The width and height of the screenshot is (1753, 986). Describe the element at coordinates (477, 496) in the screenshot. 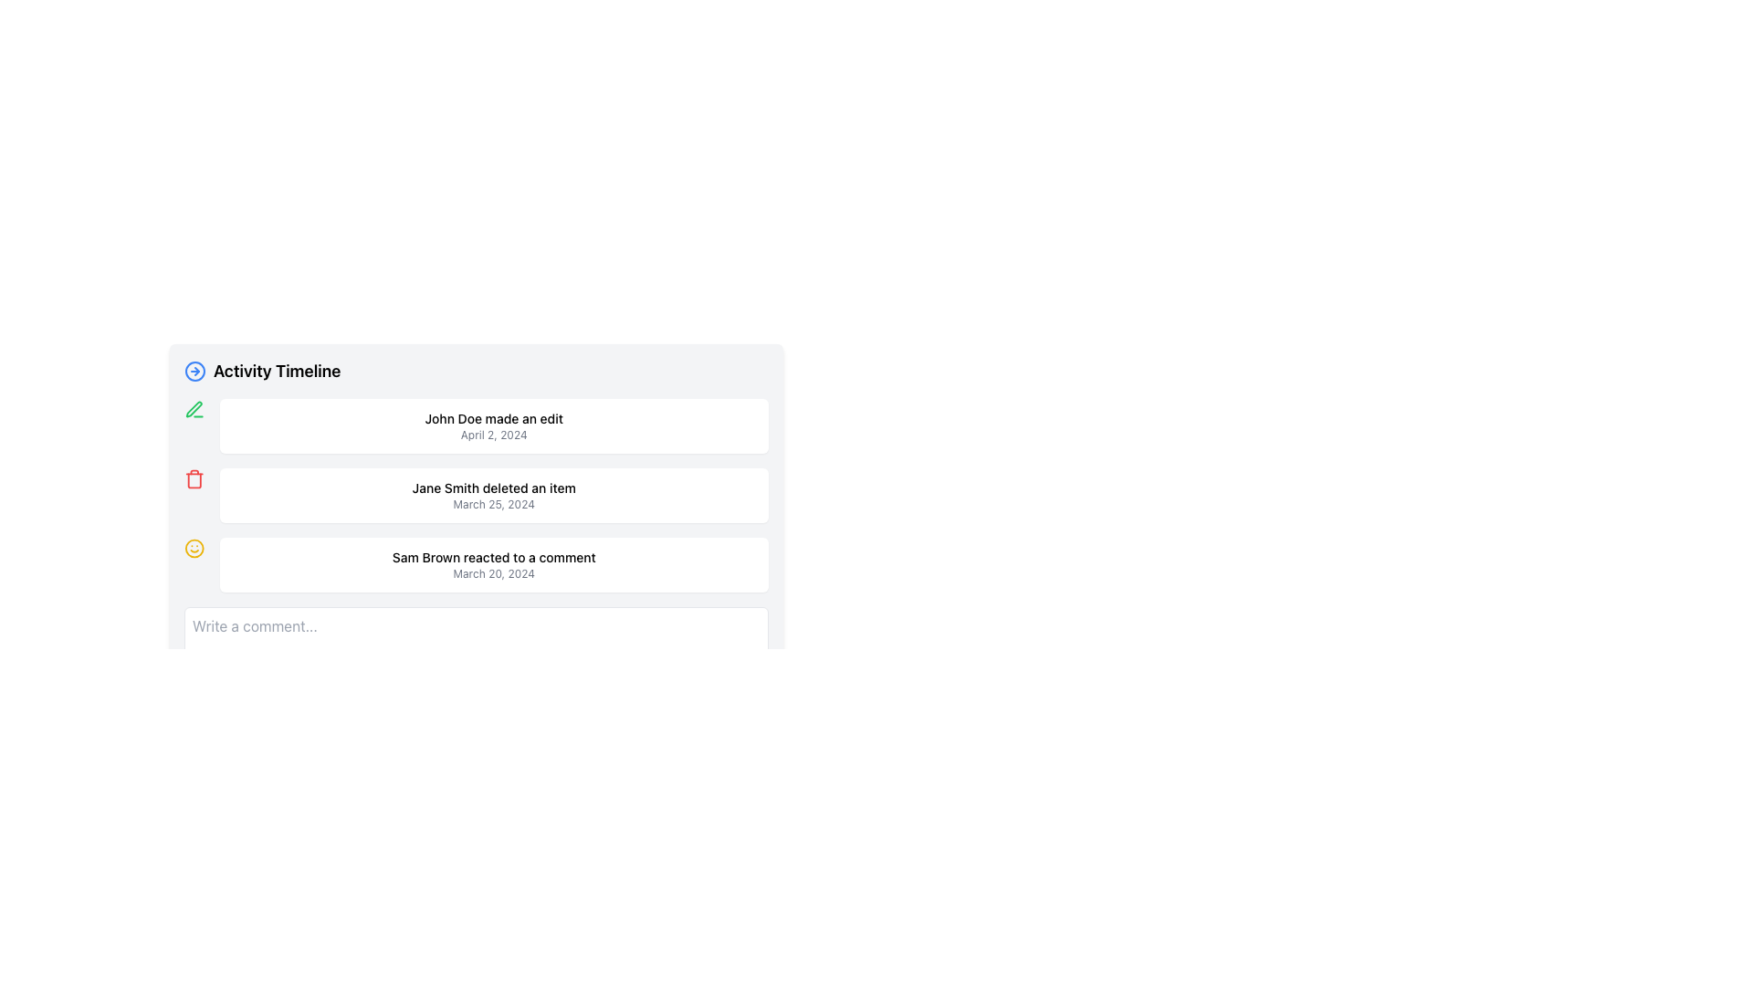

I see `the Activity notification entry that informs users about Jane Smith deleting an item, positioned in the vertical notification list between John Doe's and Sam Brown's notifications` at that location.